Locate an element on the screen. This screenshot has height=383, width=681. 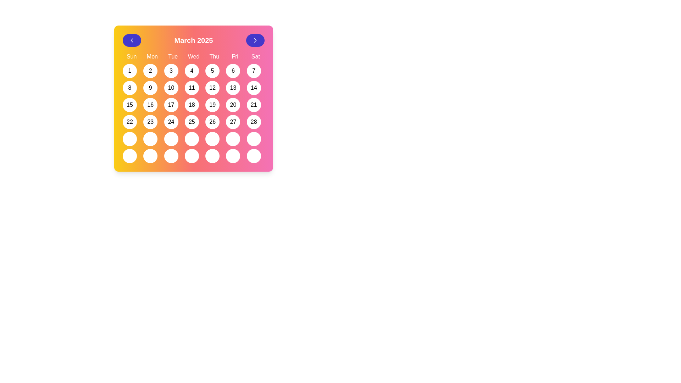
the circular button displaying '26' in the calendar grid for March 2025 is located at coordinates (212, 121).